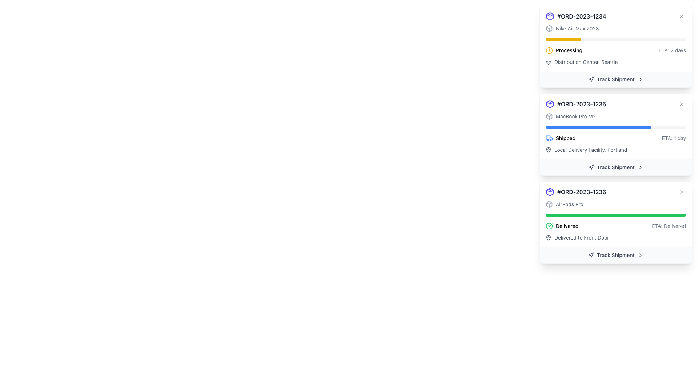 This screenshot has height=392, width=698. Describe the element at coordinates (615, 39) in the screenshot. I see `the progress bar that represents the order processing status for the order ID '#ORD-2023-1234' titled 'Nike Air Max 2023'` at that location.